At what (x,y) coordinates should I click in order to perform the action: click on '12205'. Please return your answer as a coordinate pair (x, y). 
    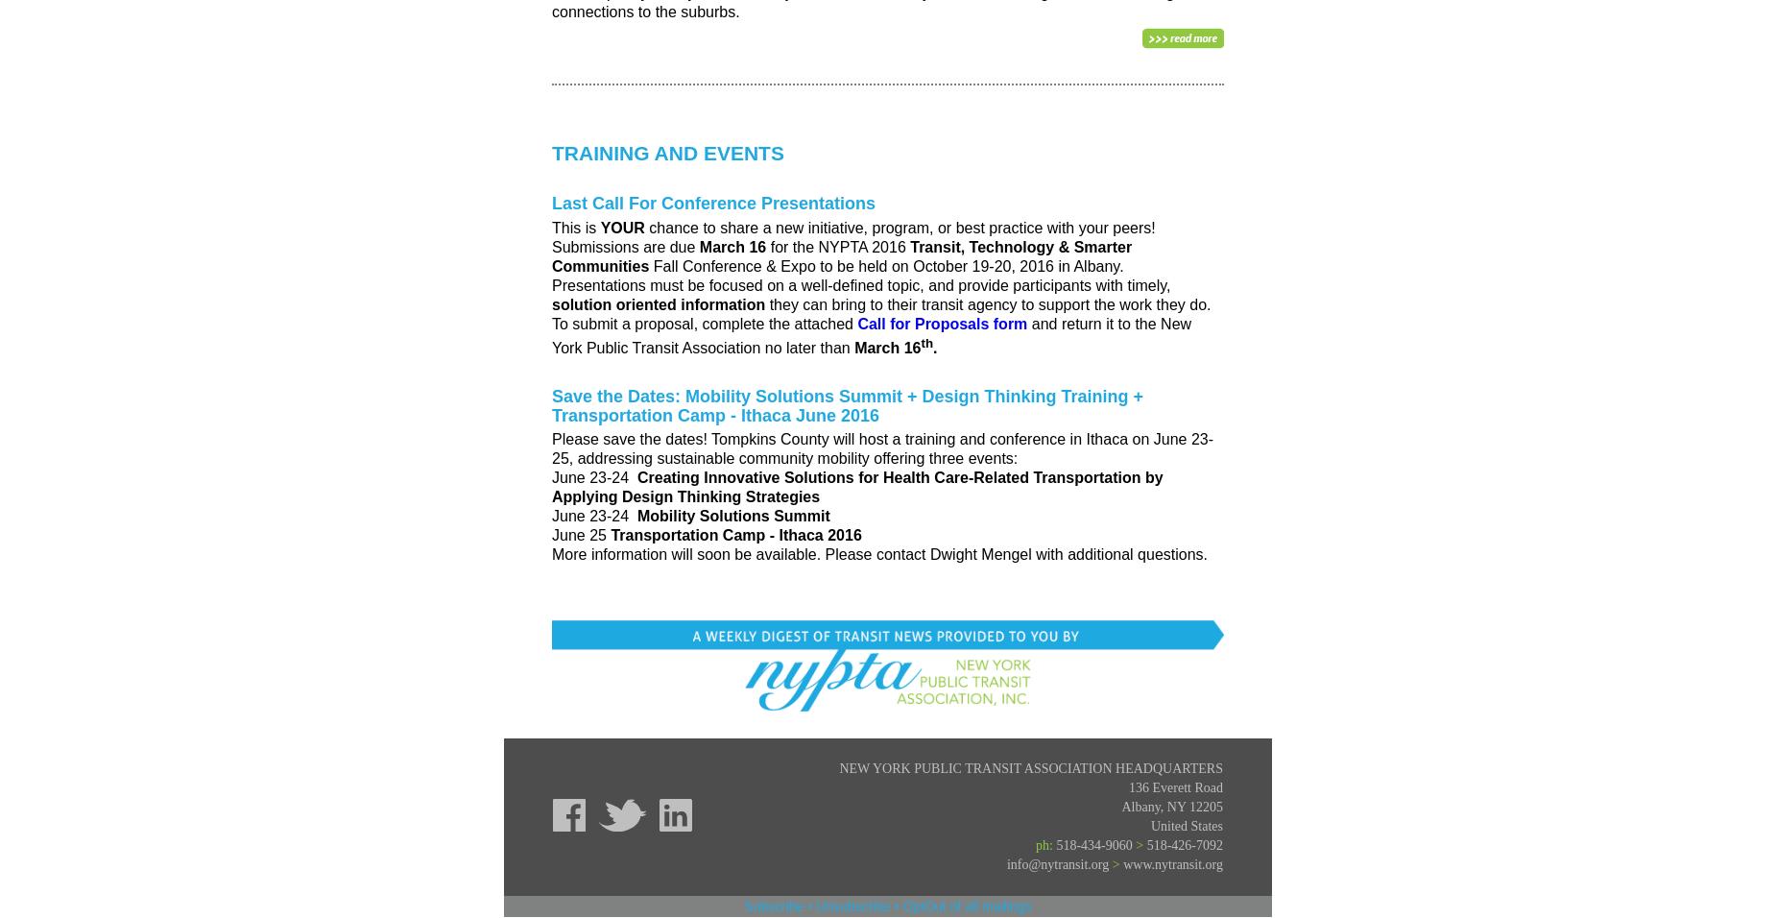
    Looking at the image, I should click on (1188, 807).